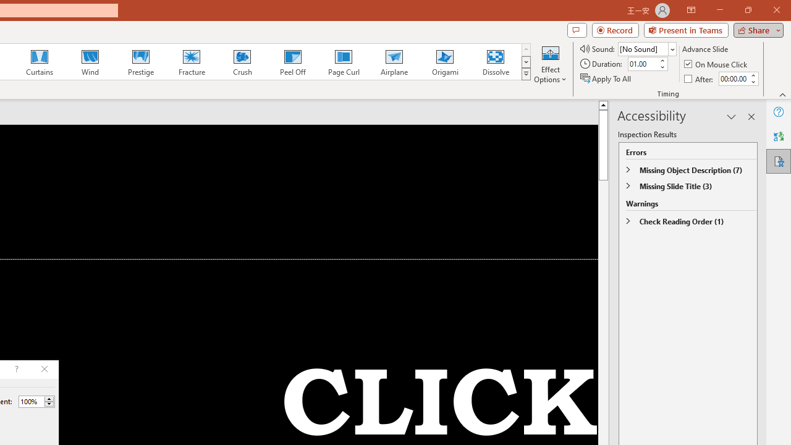 The width and height of the screenshot is (791, 445). What do you see at coordinates (526, 74) in the screenshot?
I see `'Transition Effects'` at bounding box center [526, 74].